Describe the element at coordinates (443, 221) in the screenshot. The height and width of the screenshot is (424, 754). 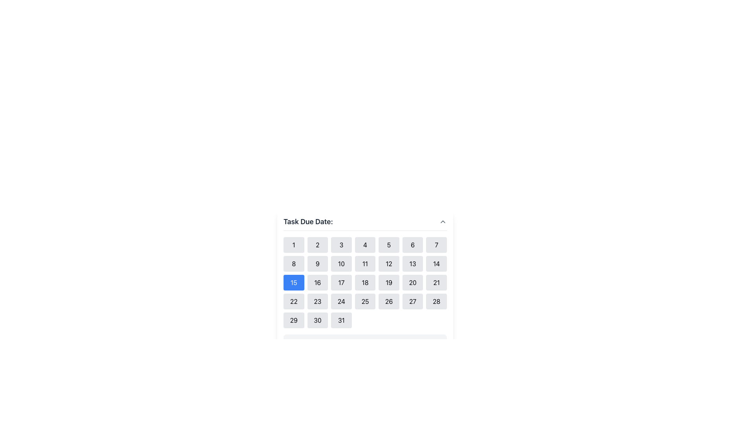
I see `the upward-pointing chevron icon next to the 'Task Due Date:' label` at that location.